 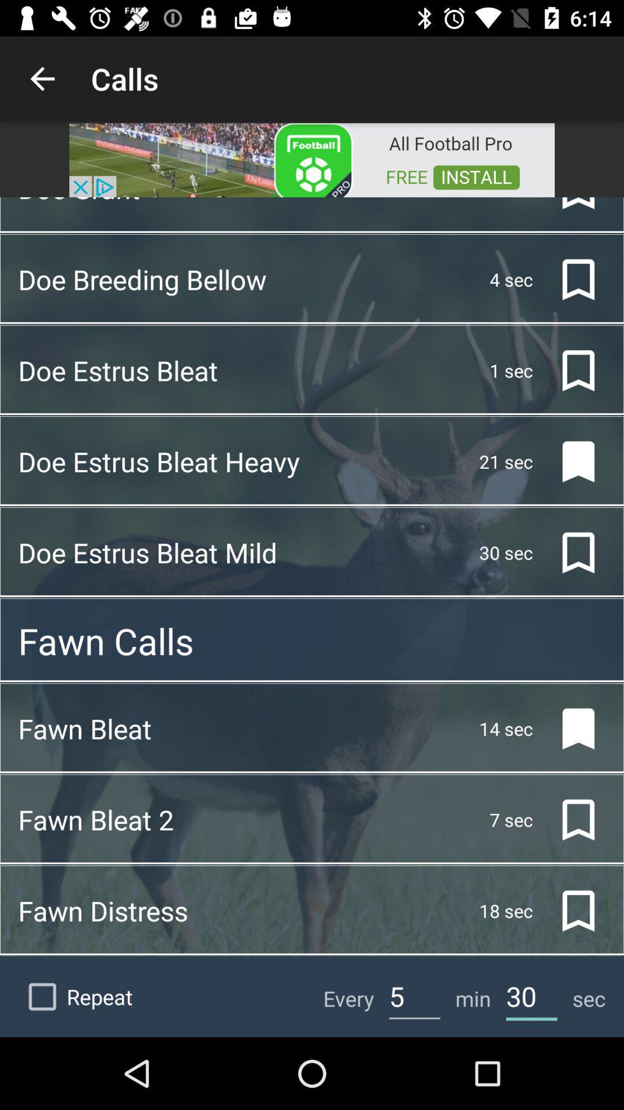 I want to click on the bookmark icon, so click(x=569, y=371).